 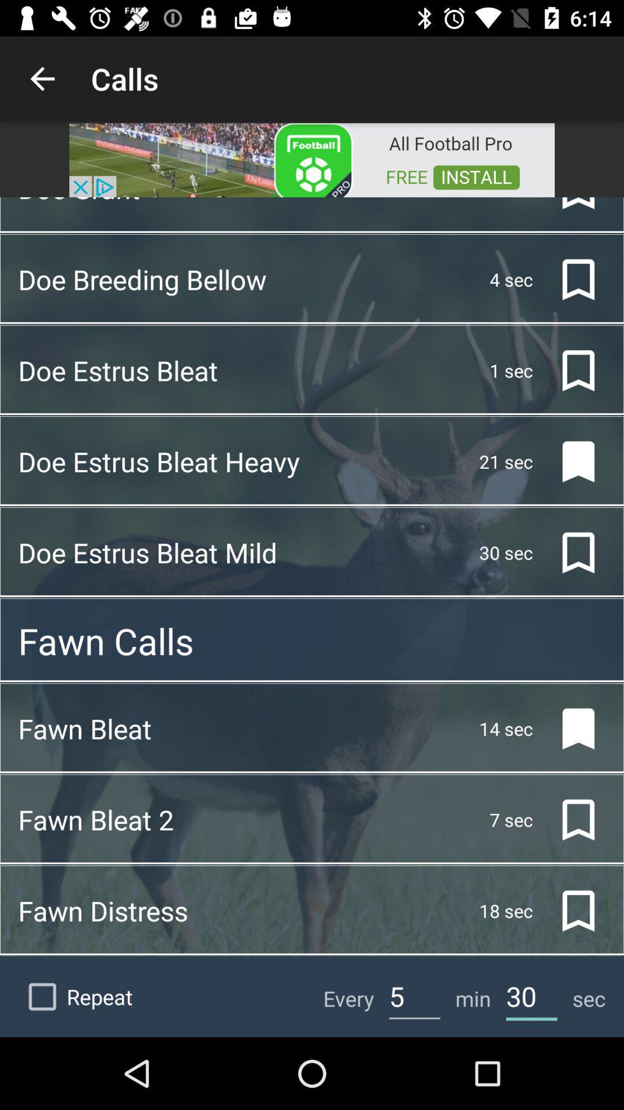 I want to click on the bookmark icon, so click(x=569, y=371).